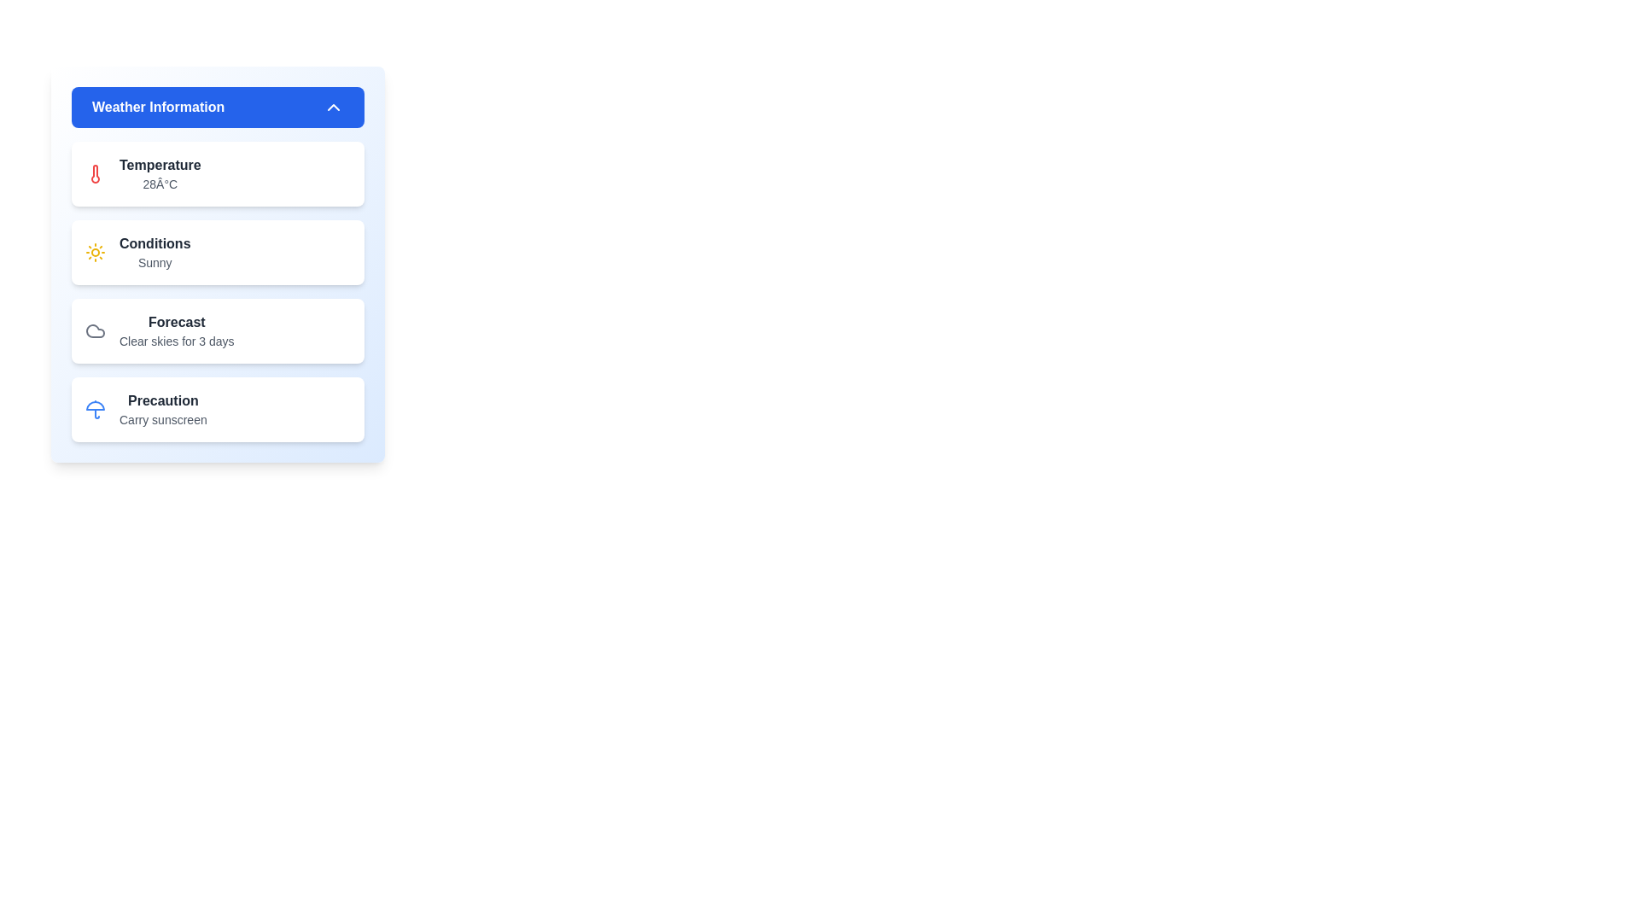 The image size is (1639, 922). Describe the element at coordinates (217, 331) in the screenshot. I see `the third Static informational card titled 'Forecast' with a subtitle 'Clear skies for 3 days' in the 'Weather Information' section` at that location.